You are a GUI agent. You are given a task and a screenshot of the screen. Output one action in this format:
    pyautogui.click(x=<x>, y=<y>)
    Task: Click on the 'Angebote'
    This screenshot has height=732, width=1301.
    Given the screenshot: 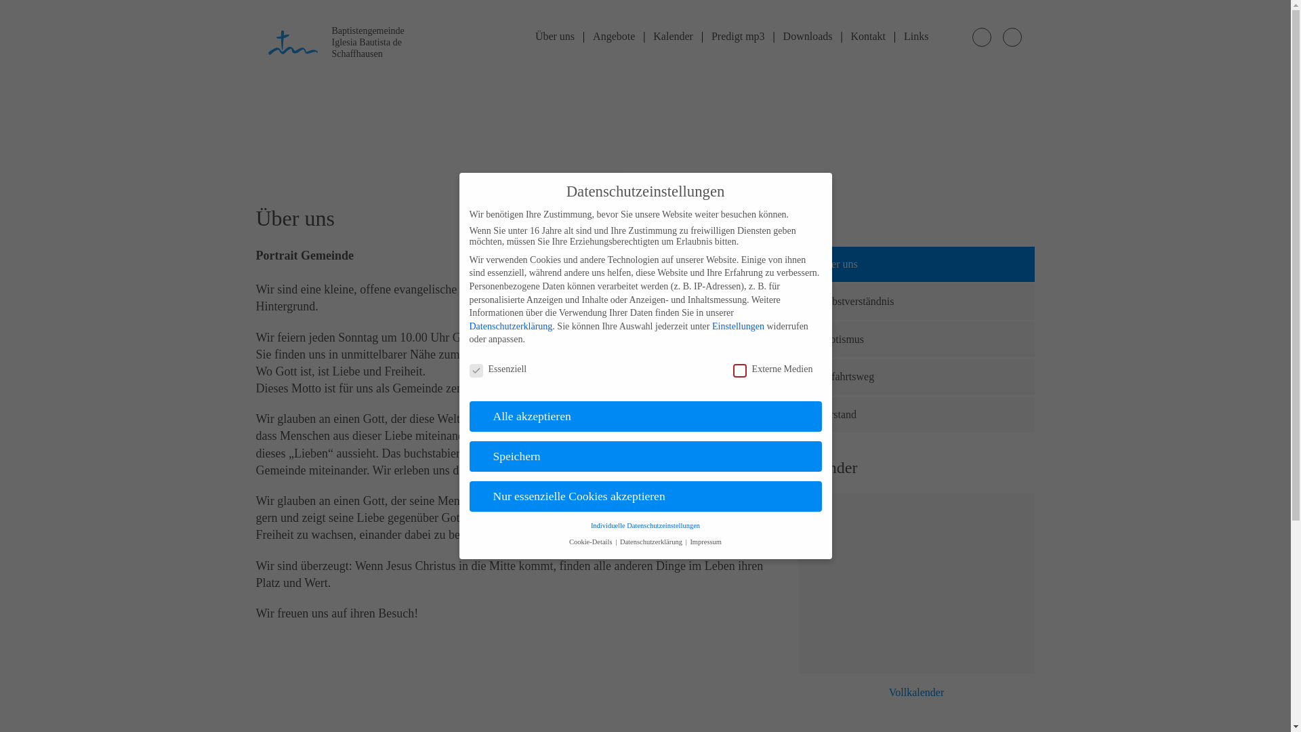 What is the action you would take?
    pyautogui.click(x=613, y=35)
    